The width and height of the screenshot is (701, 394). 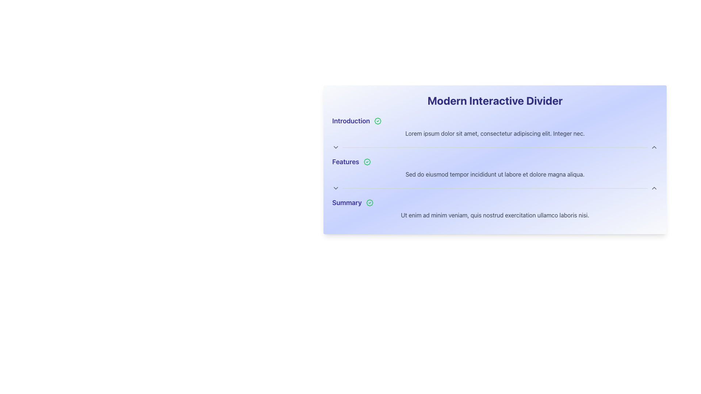 I want to click on the visual appearance of the badge or icon indicating the status related to the 'Introduction' section, which is positioned next to the label 'Introduction' at the top of the panel, so click(x=378, y=120).